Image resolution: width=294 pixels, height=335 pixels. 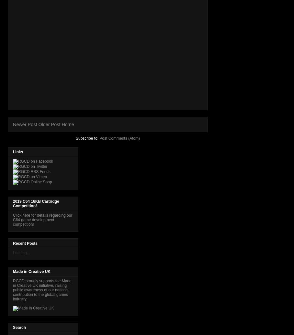 I want to click on 'Search', so click(x=19, y=327).